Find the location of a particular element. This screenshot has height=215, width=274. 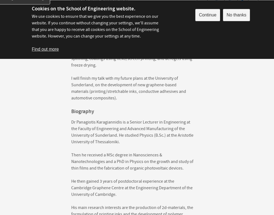

'He then gained 3 years of postdoctoral experience at the Cambridge Graphene Centre at the Engineering Department of the University of Cambridge.' is located at coordinates (132, 188).